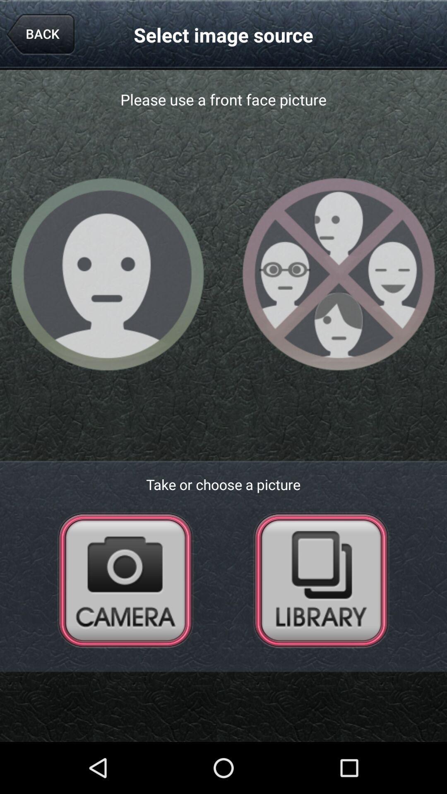 Image resolution: width=447 pixels, height=794 pixels. I want to click on open camera, so click(125, 579).